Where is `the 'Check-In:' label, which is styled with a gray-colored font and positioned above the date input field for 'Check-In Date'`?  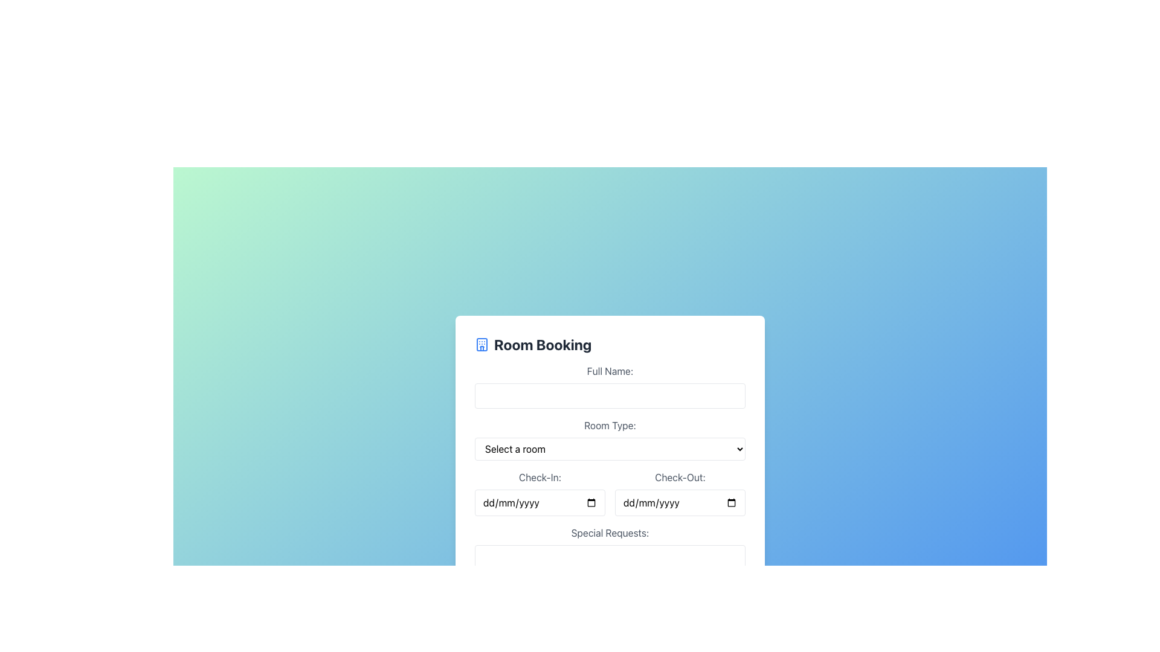
the 'Check-In:' label, which is styled with a gray-colored font and positioned above the date input field for 'Check-In Date' is located at coordinates (539, 476).